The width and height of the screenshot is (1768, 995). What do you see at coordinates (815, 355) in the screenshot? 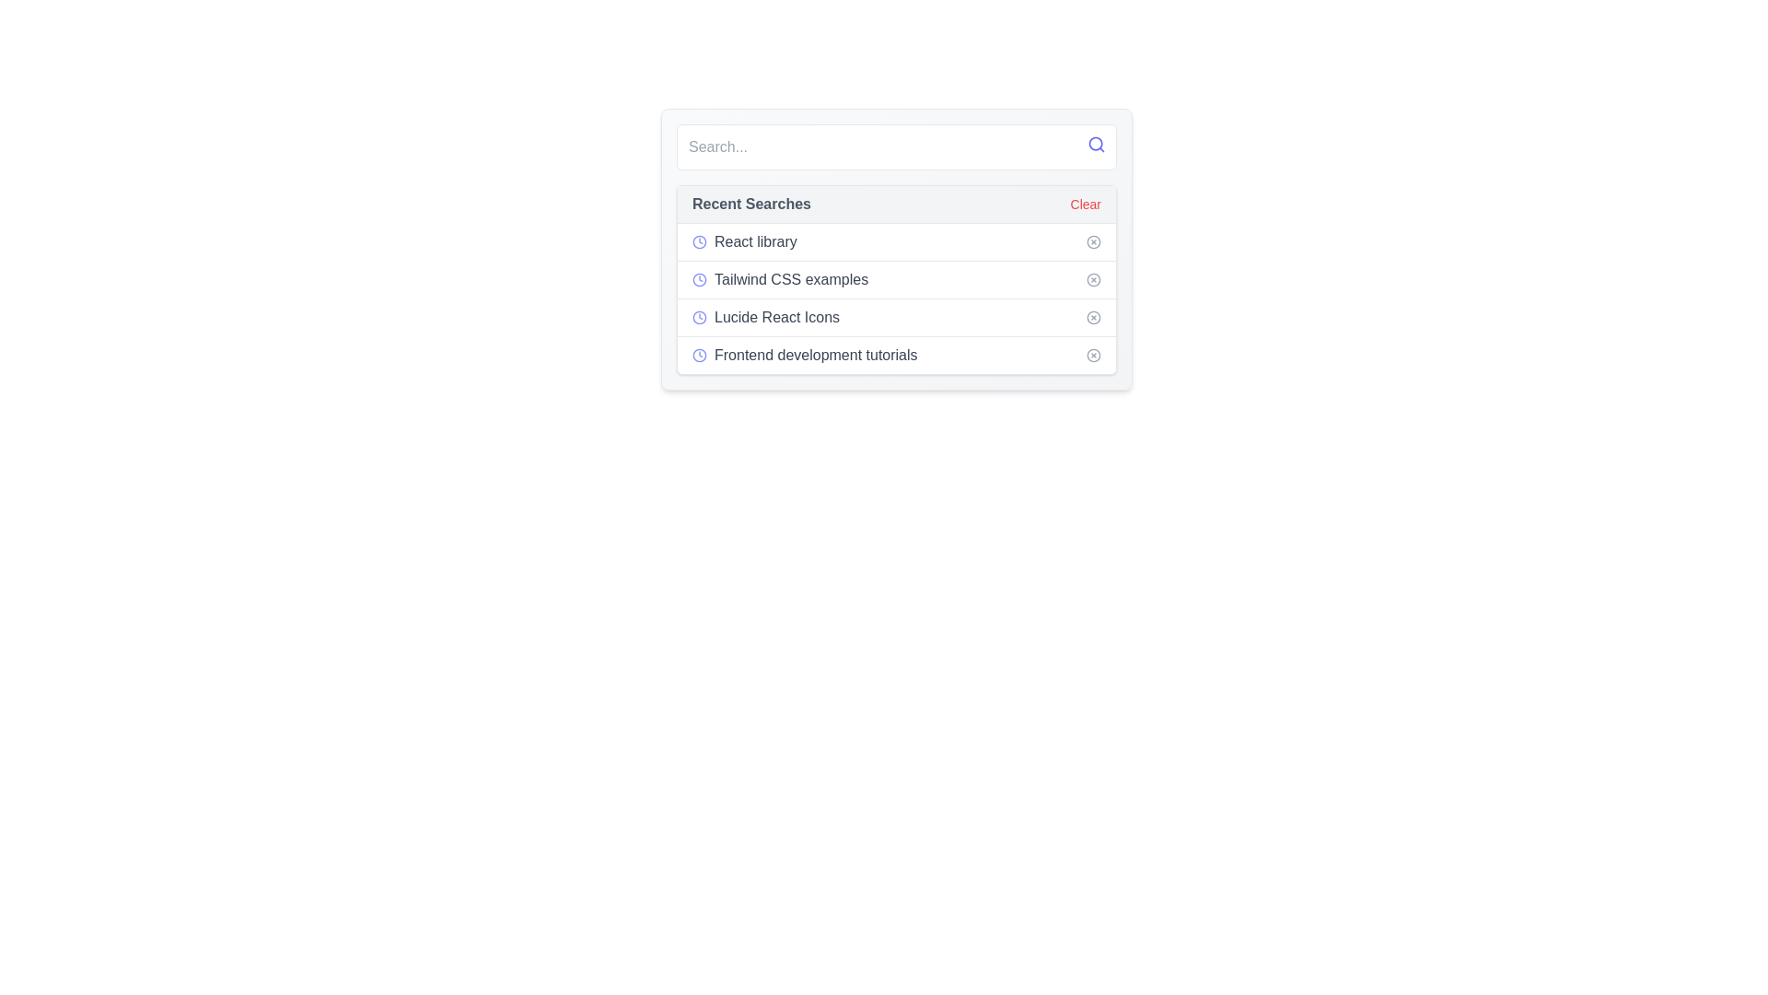
I see `the text label 'Frontend development tutorials' in the 'Recent Searches' list to read the content` at bounding box center [815, 355].